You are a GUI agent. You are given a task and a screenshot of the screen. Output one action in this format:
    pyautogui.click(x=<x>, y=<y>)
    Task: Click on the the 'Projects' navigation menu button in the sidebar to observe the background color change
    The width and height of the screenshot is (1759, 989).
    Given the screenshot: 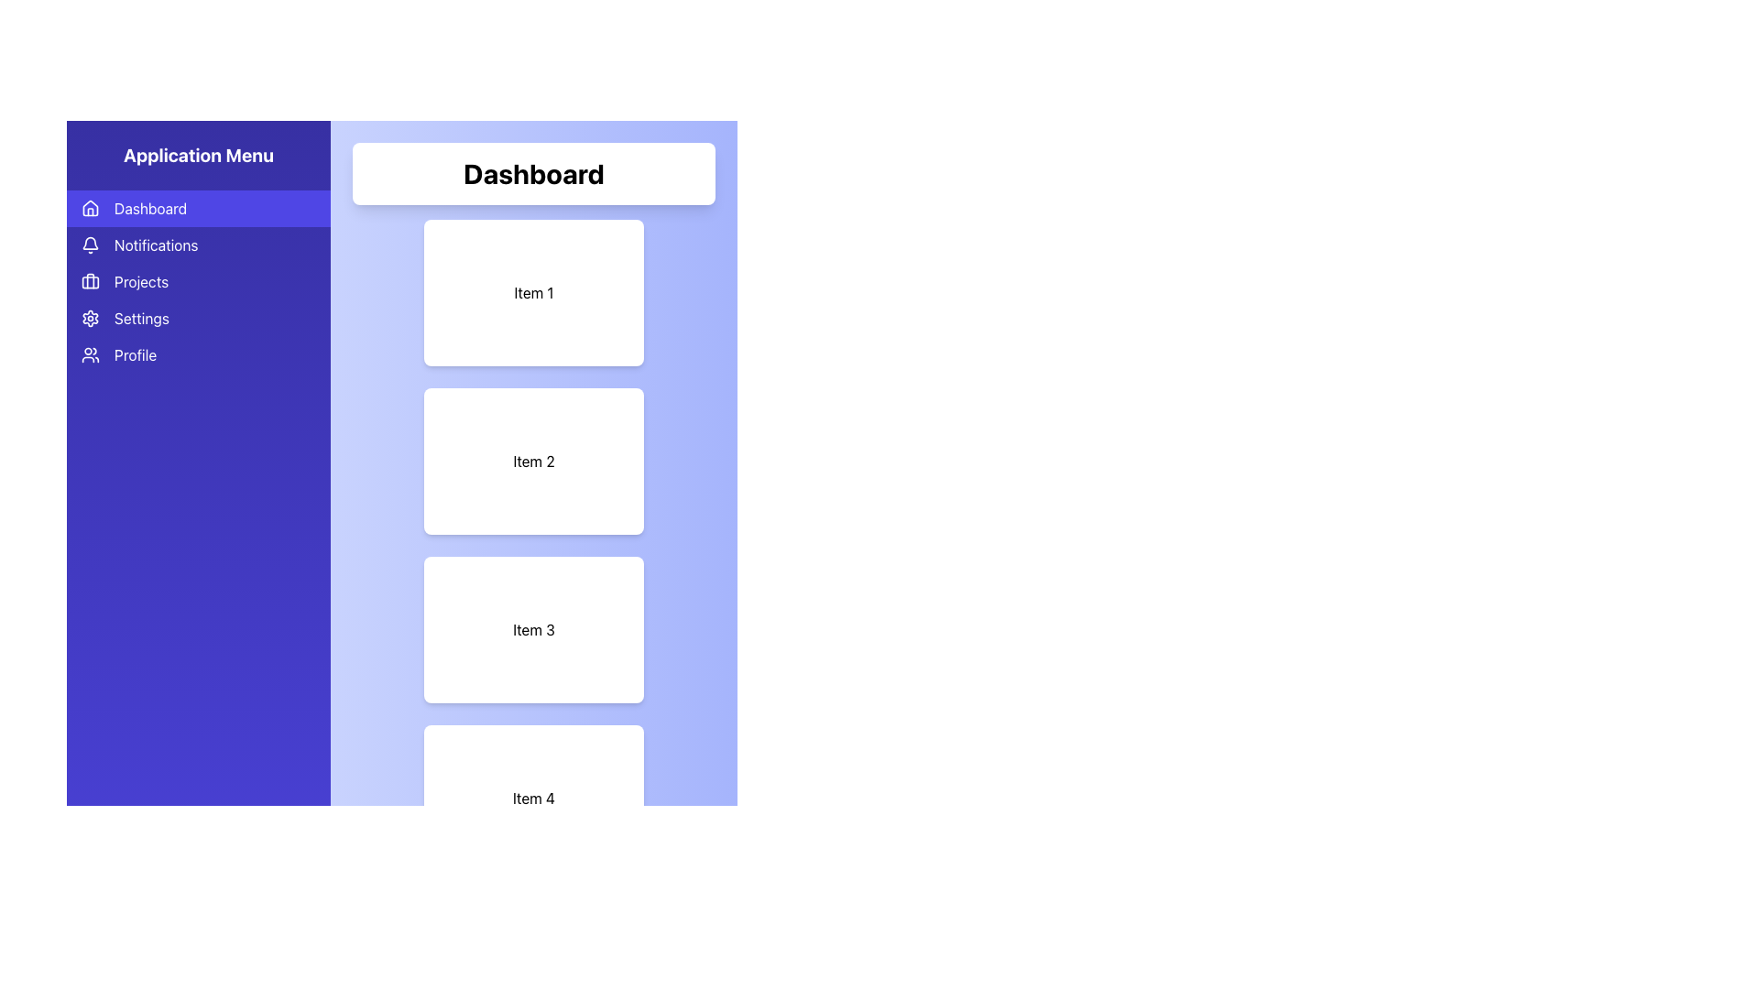 What is the action you would take?
    pyautogui.click(x=198, y=282)
    